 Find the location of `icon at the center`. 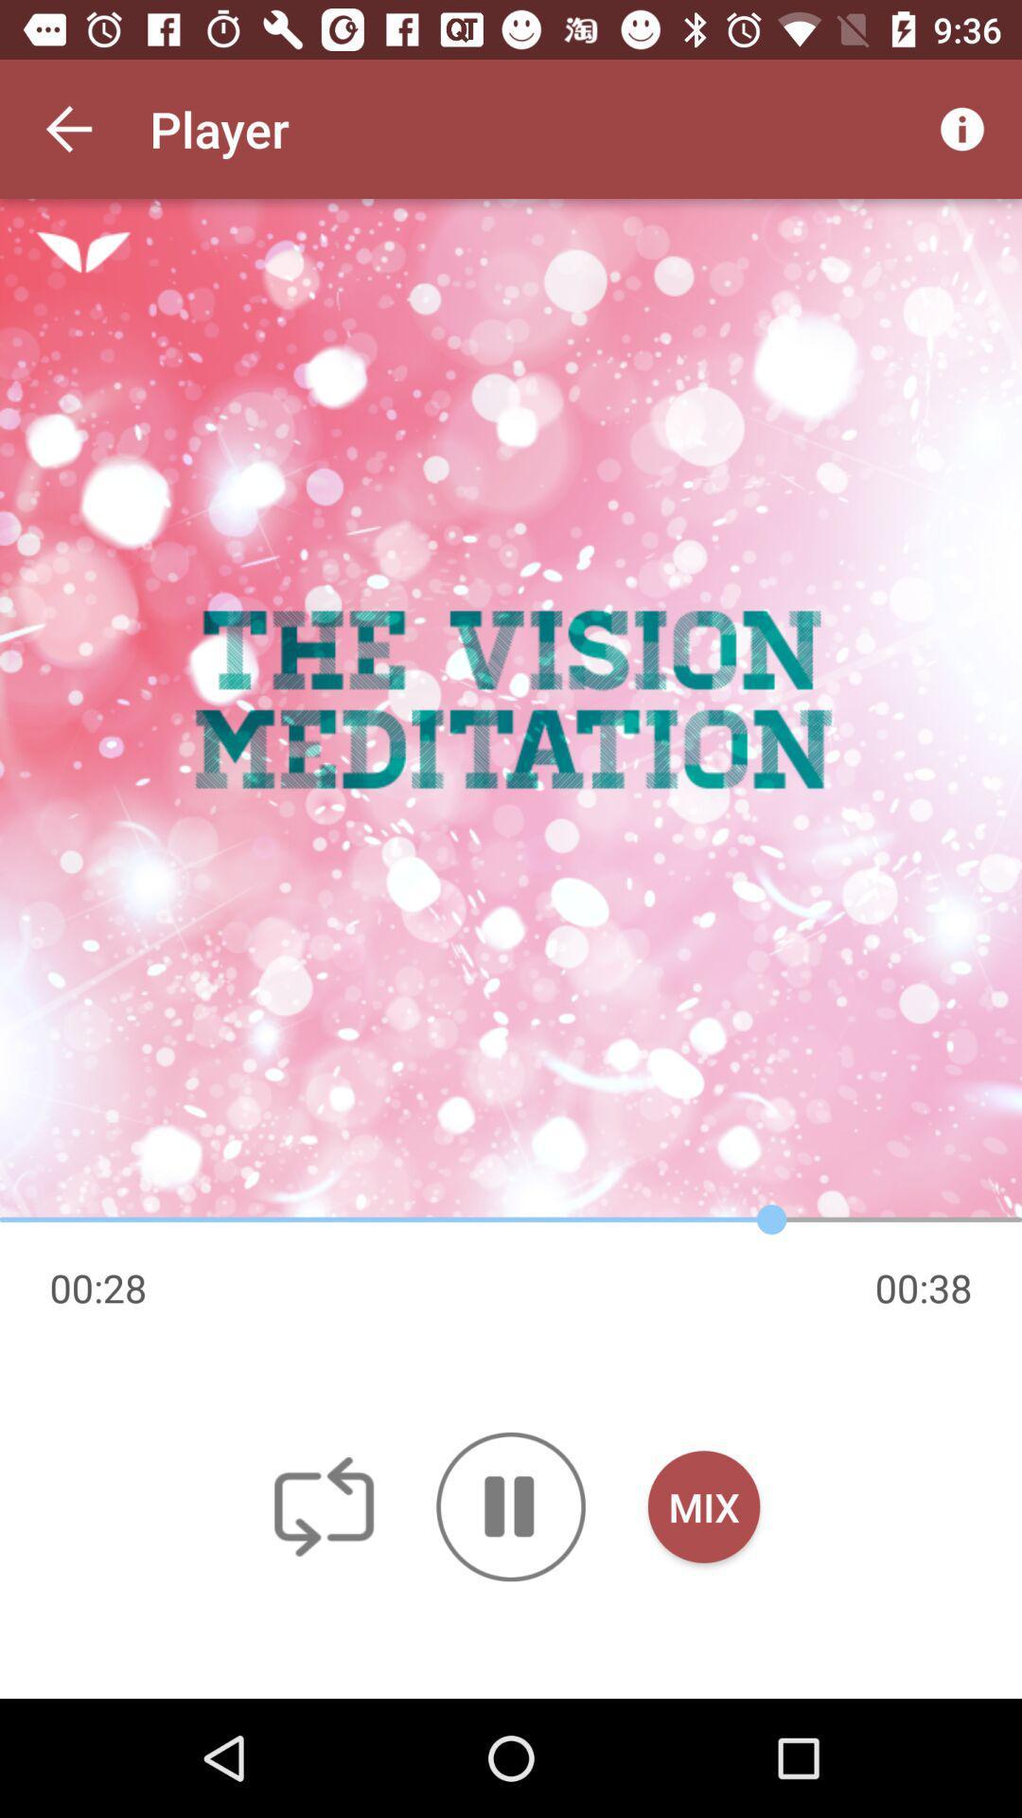

icon at the center is located at coordinates (511, 708).